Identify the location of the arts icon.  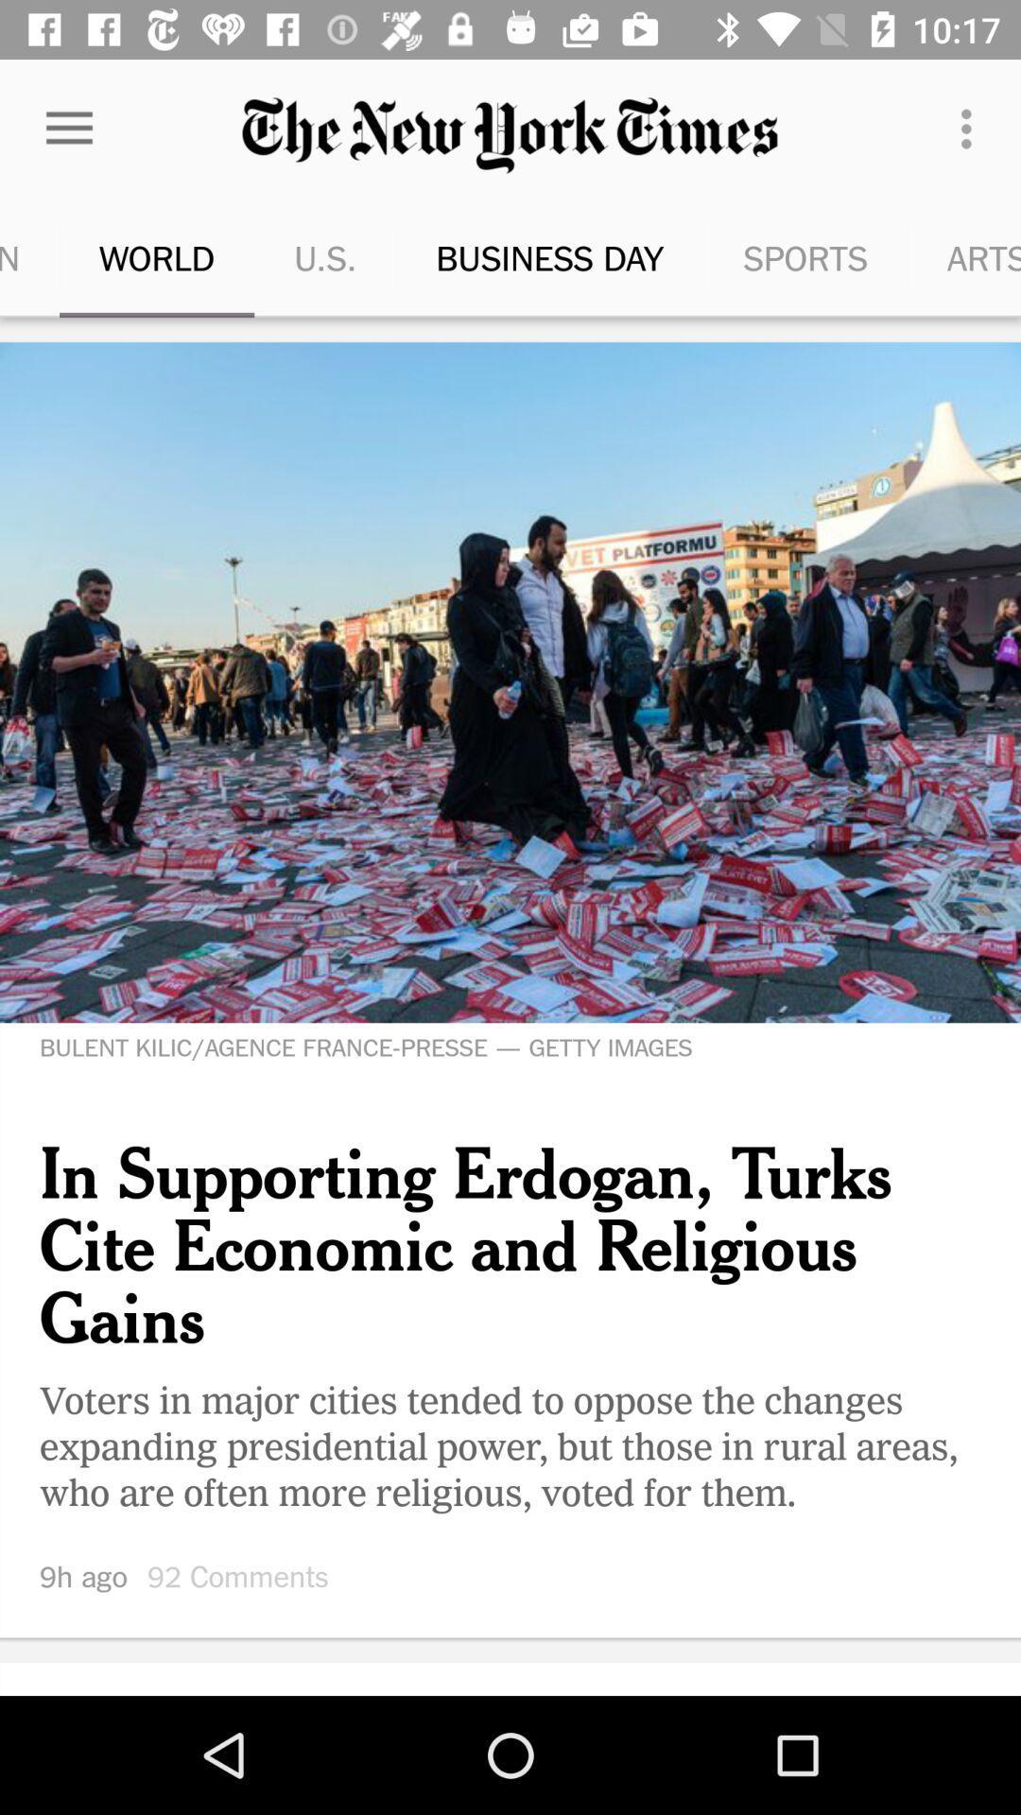
(939, 257).